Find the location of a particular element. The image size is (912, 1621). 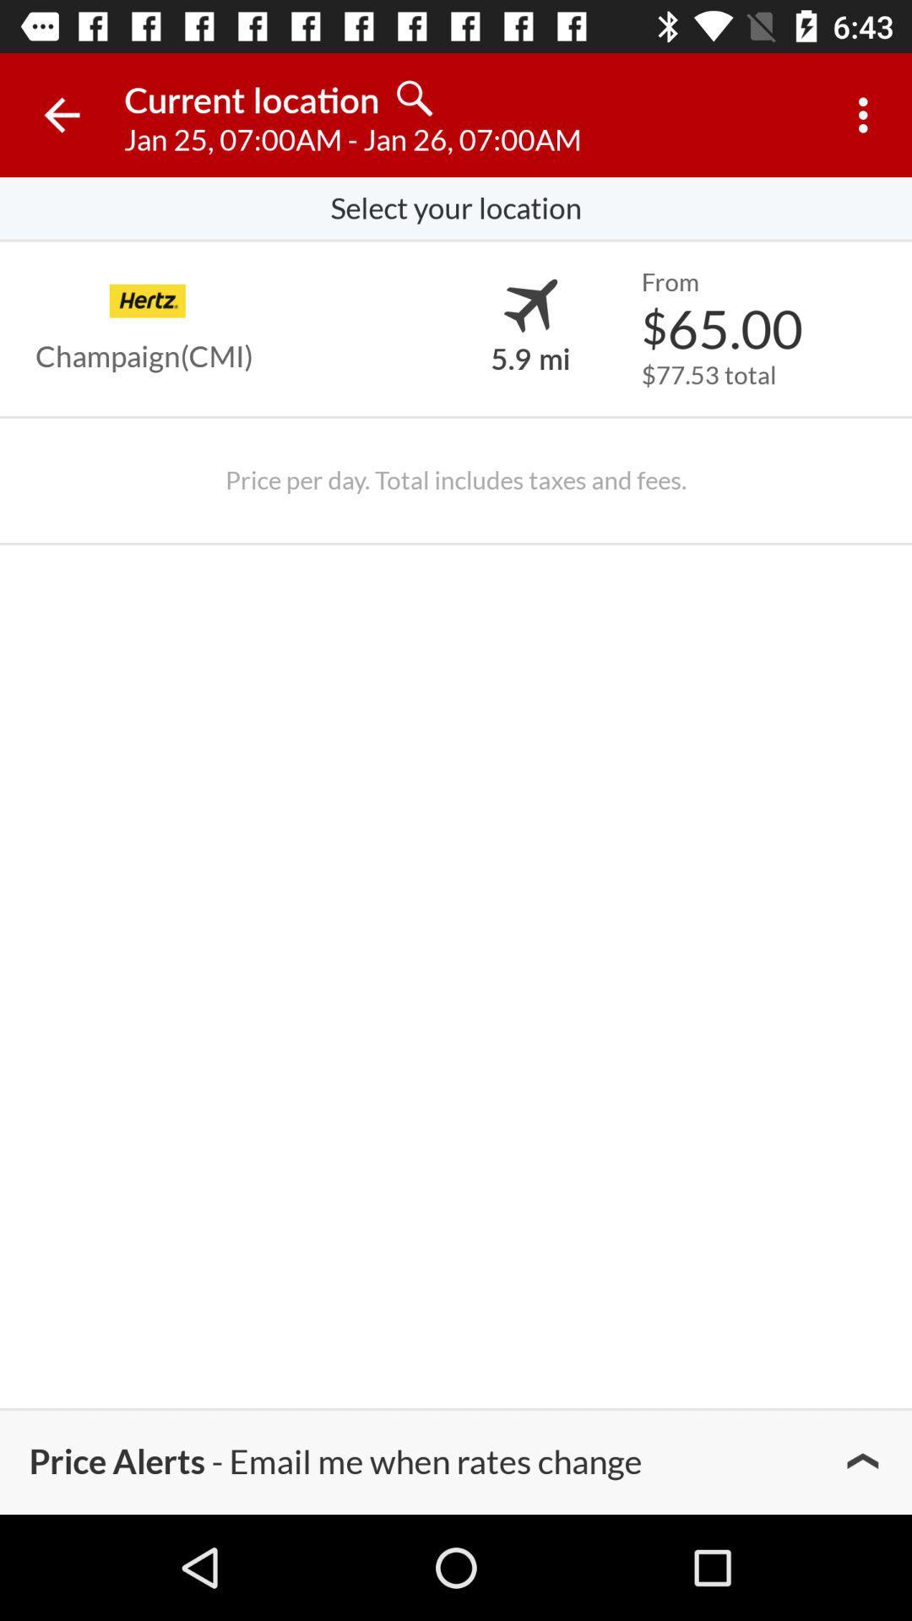

$65.00 icon is located at coordinates (722, 328).